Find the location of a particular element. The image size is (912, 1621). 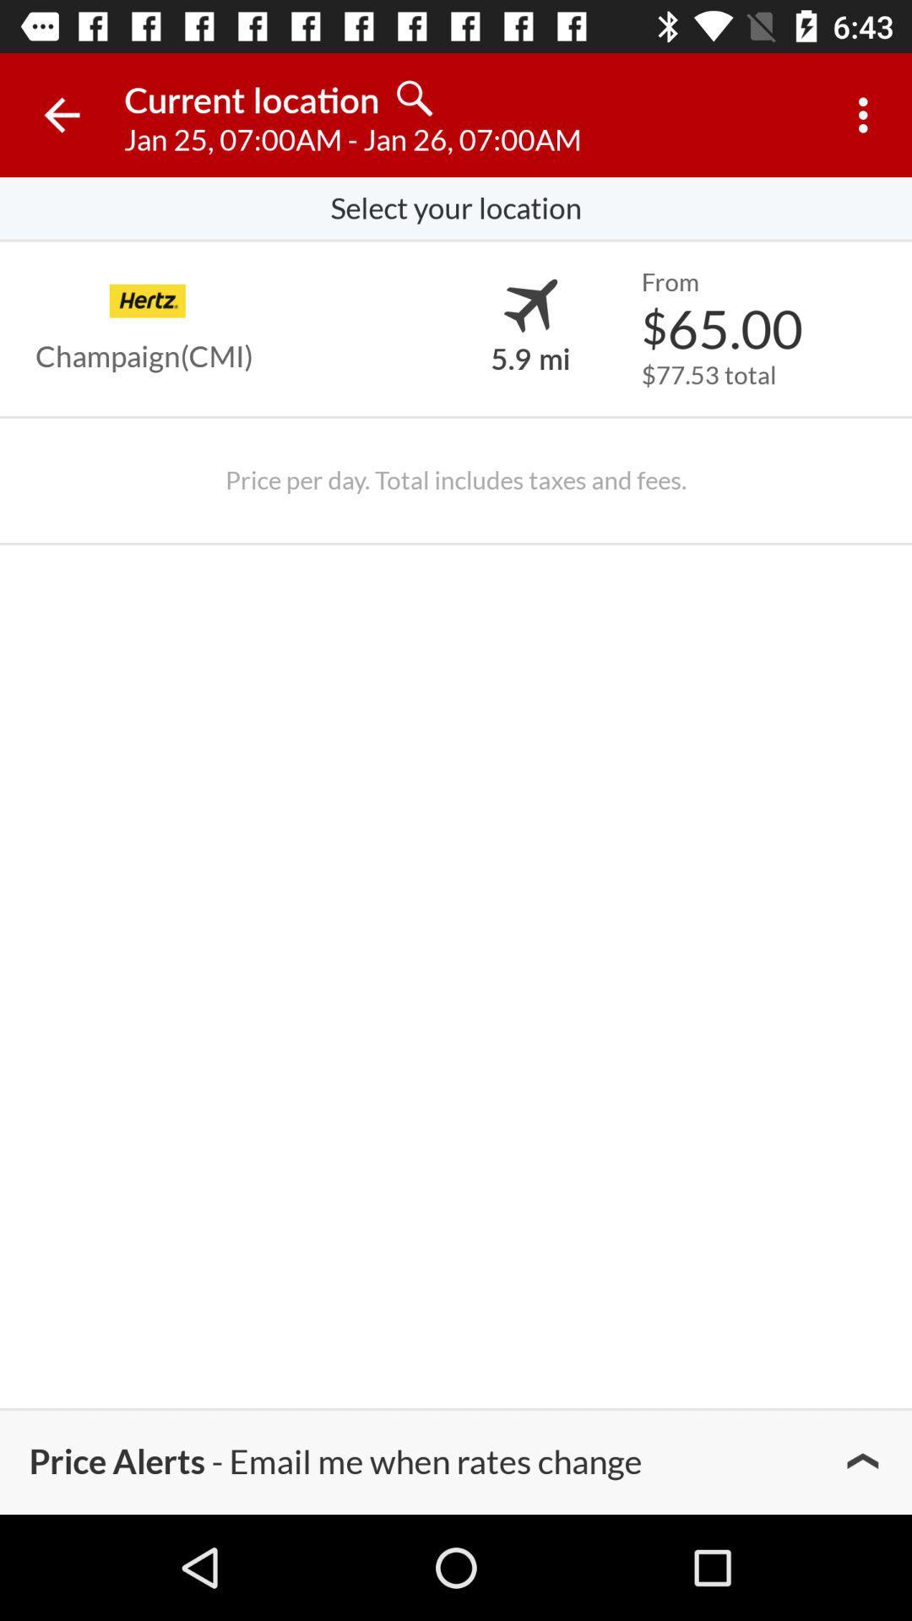

$65.00 icon is located at coordinates (722, 328).